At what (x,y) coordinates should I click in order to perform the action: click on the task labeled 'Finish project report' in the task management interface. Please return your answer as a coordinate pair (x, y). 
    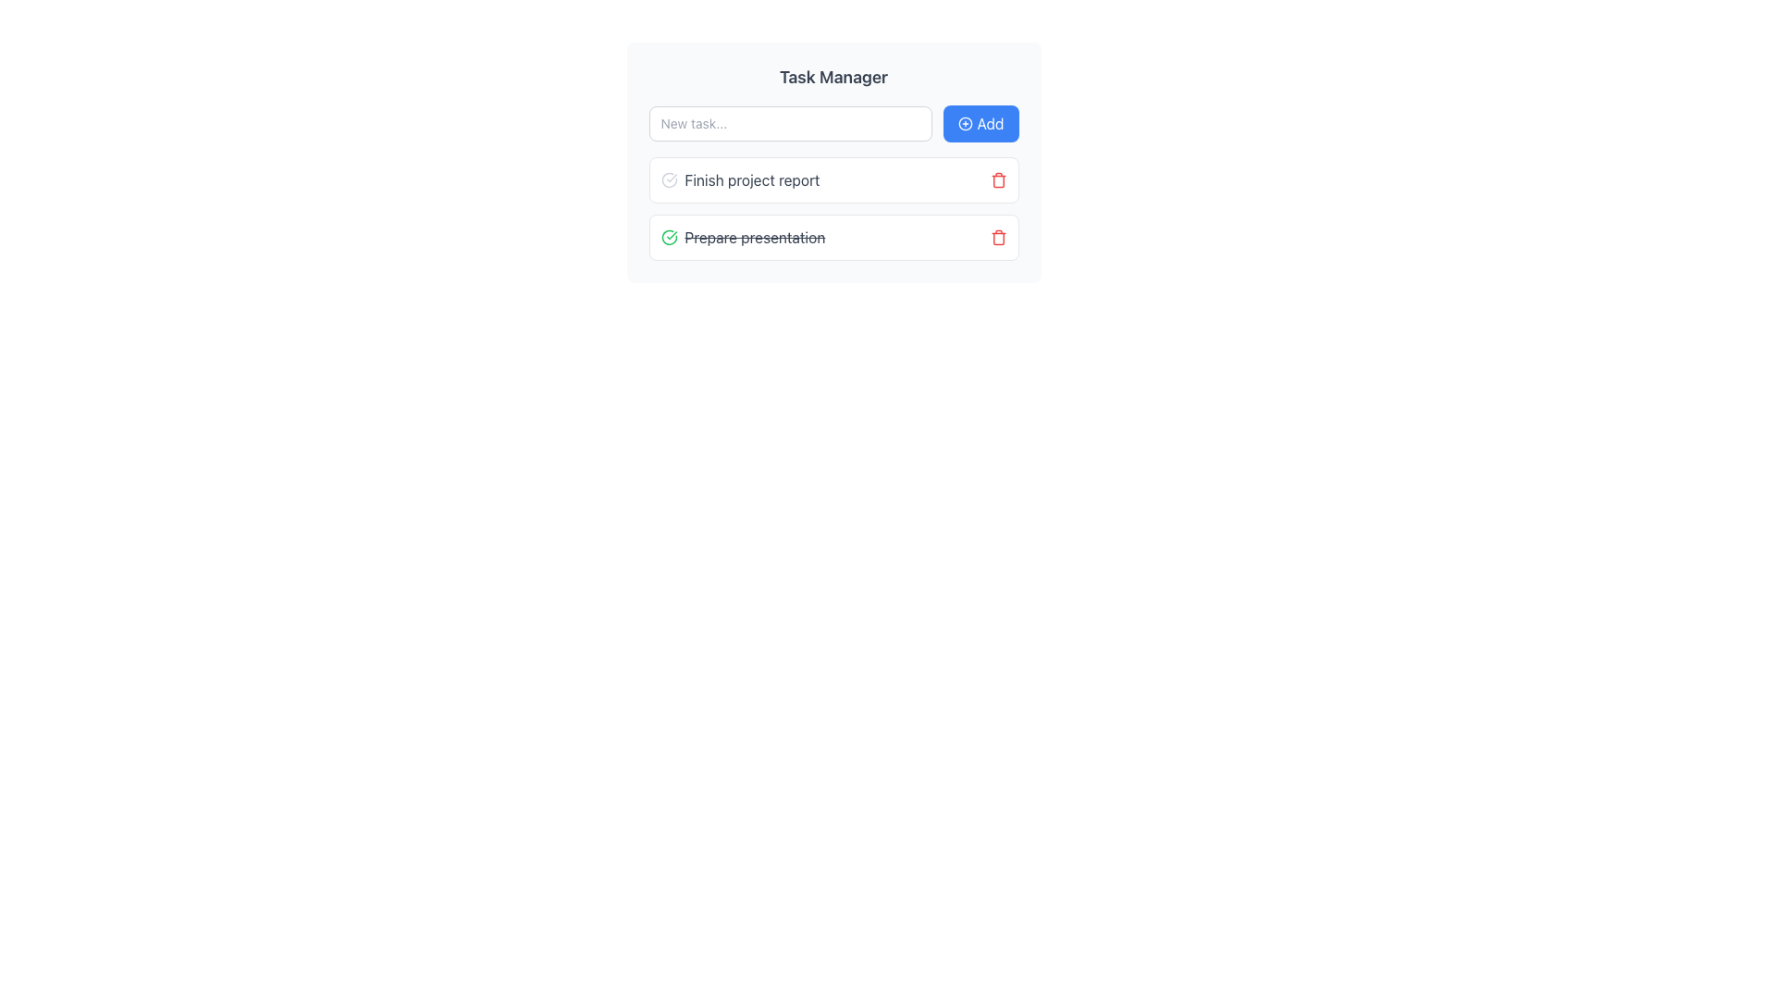
    Looking at the image, I should click on (832, 180).